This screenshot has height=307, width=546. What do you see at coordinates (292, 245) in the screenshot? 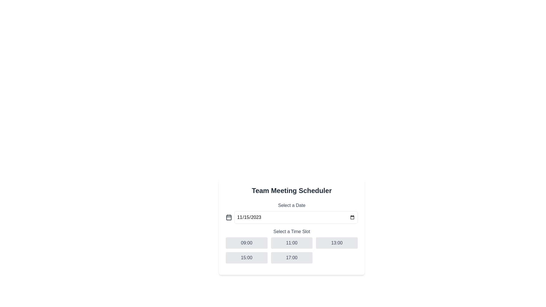
I see `the '11:00' button in the 'Select a Time Slot' section of the 'Team Meeting Scheduler' interface` at bounding box center [292, 245].